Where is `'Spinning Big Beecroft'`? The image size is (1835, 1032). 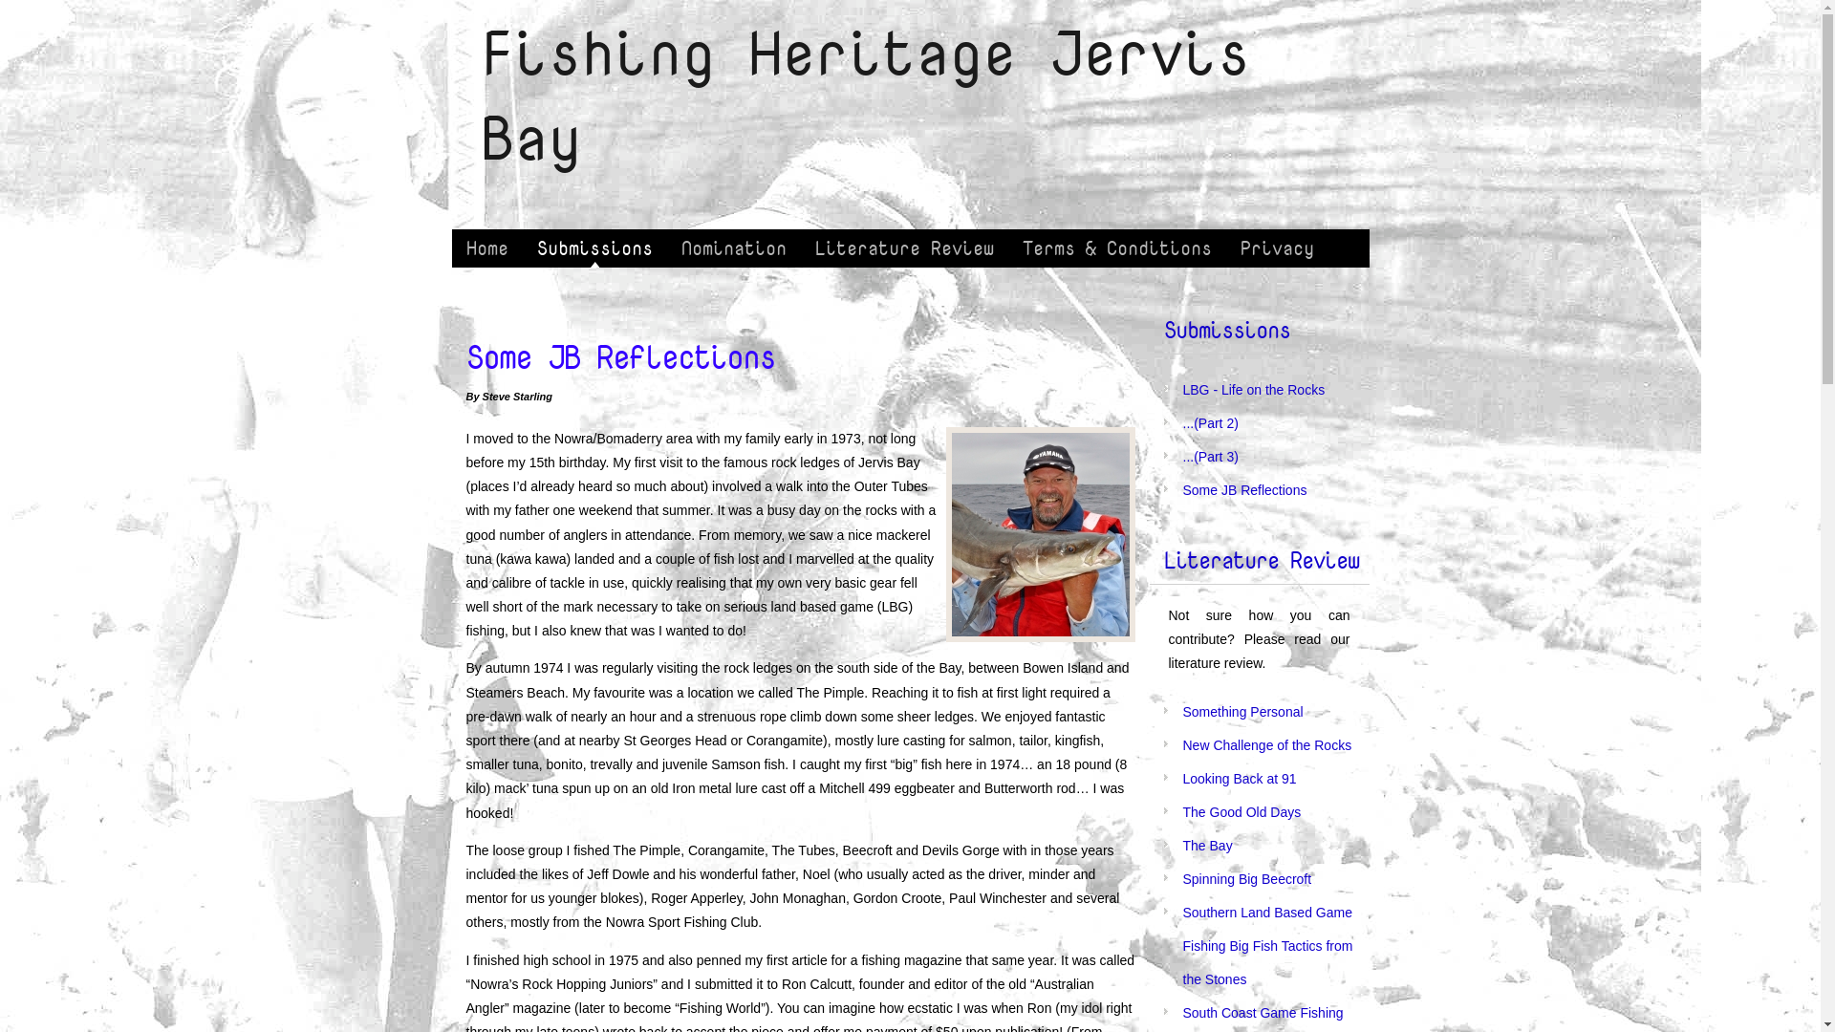
'Spinning Big Beecroft' is located at coordinates (1182, 879).